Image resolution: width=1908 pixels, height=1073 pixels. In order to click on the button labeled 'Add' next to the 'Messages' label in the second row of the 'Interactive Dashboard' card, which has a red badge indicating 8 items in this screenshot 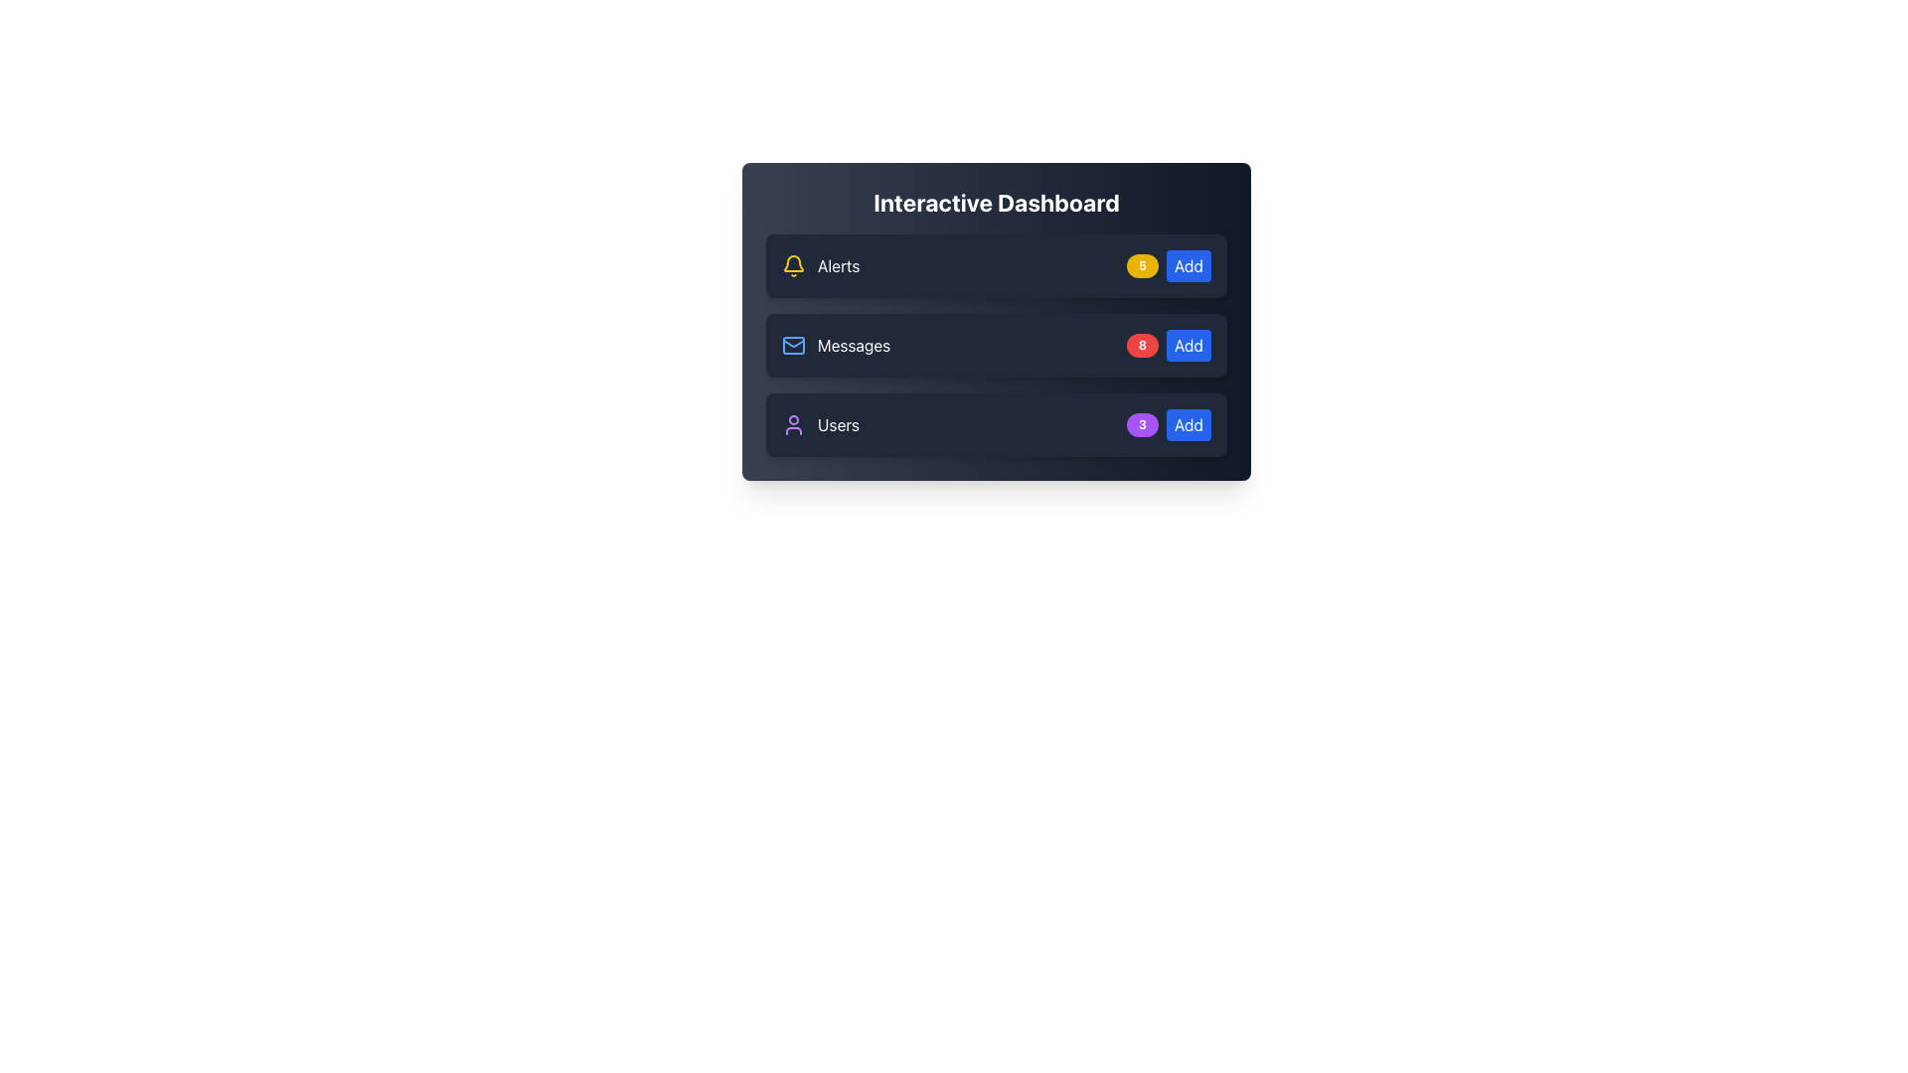, I will do `click(1169, 344)`.